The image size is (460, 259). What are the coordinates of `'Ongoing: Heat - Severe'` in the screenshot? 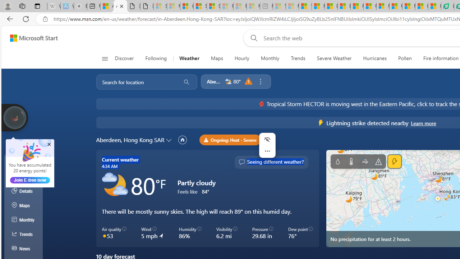 It's located at (230, 140).